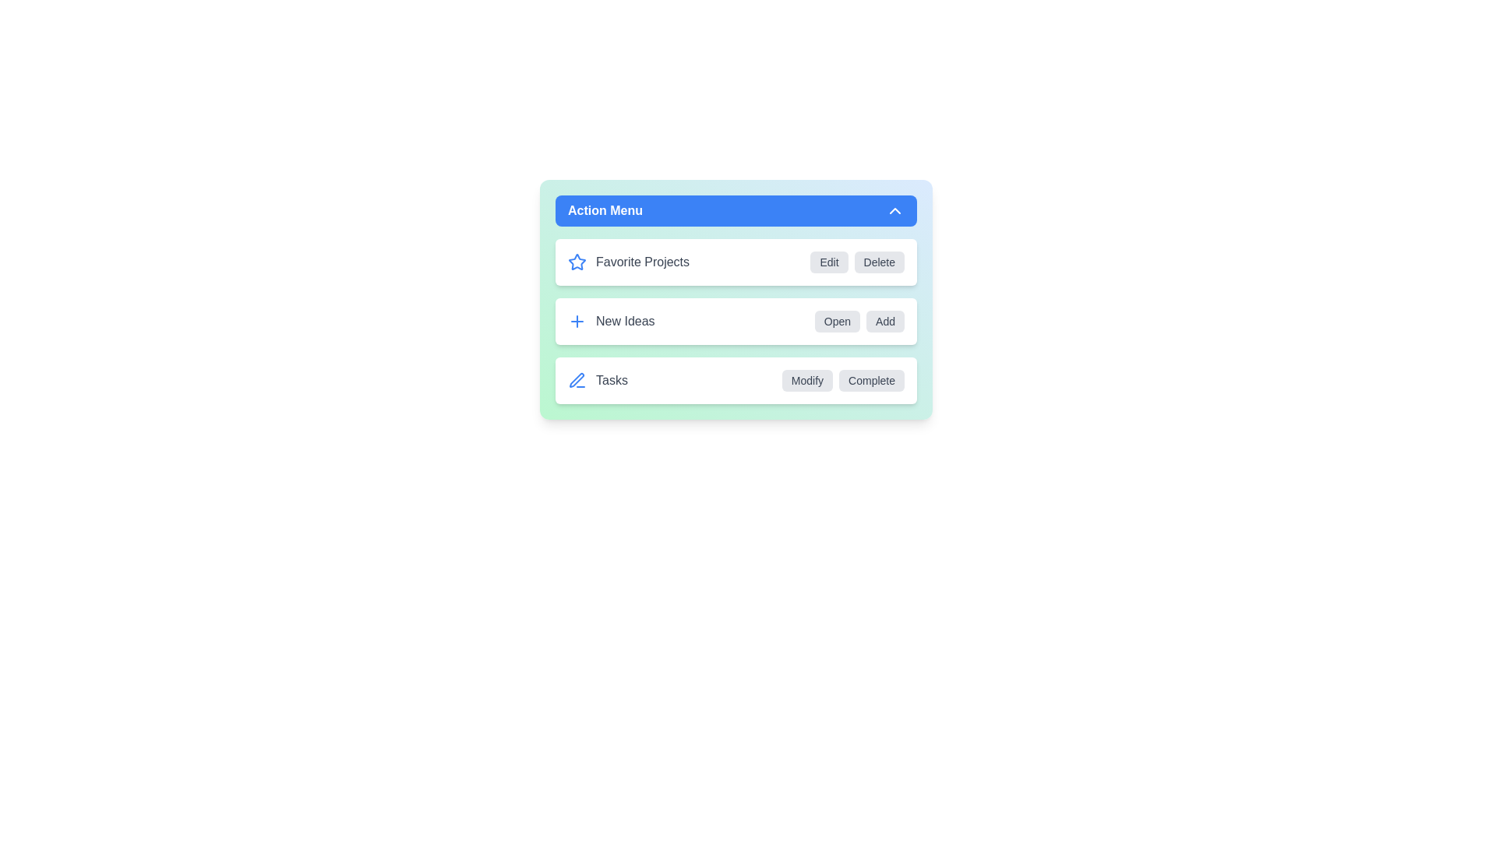  Describe the element at coordinates (736, 210) in the screenshot. I see `the toggle button to collapse the menu` at that location.